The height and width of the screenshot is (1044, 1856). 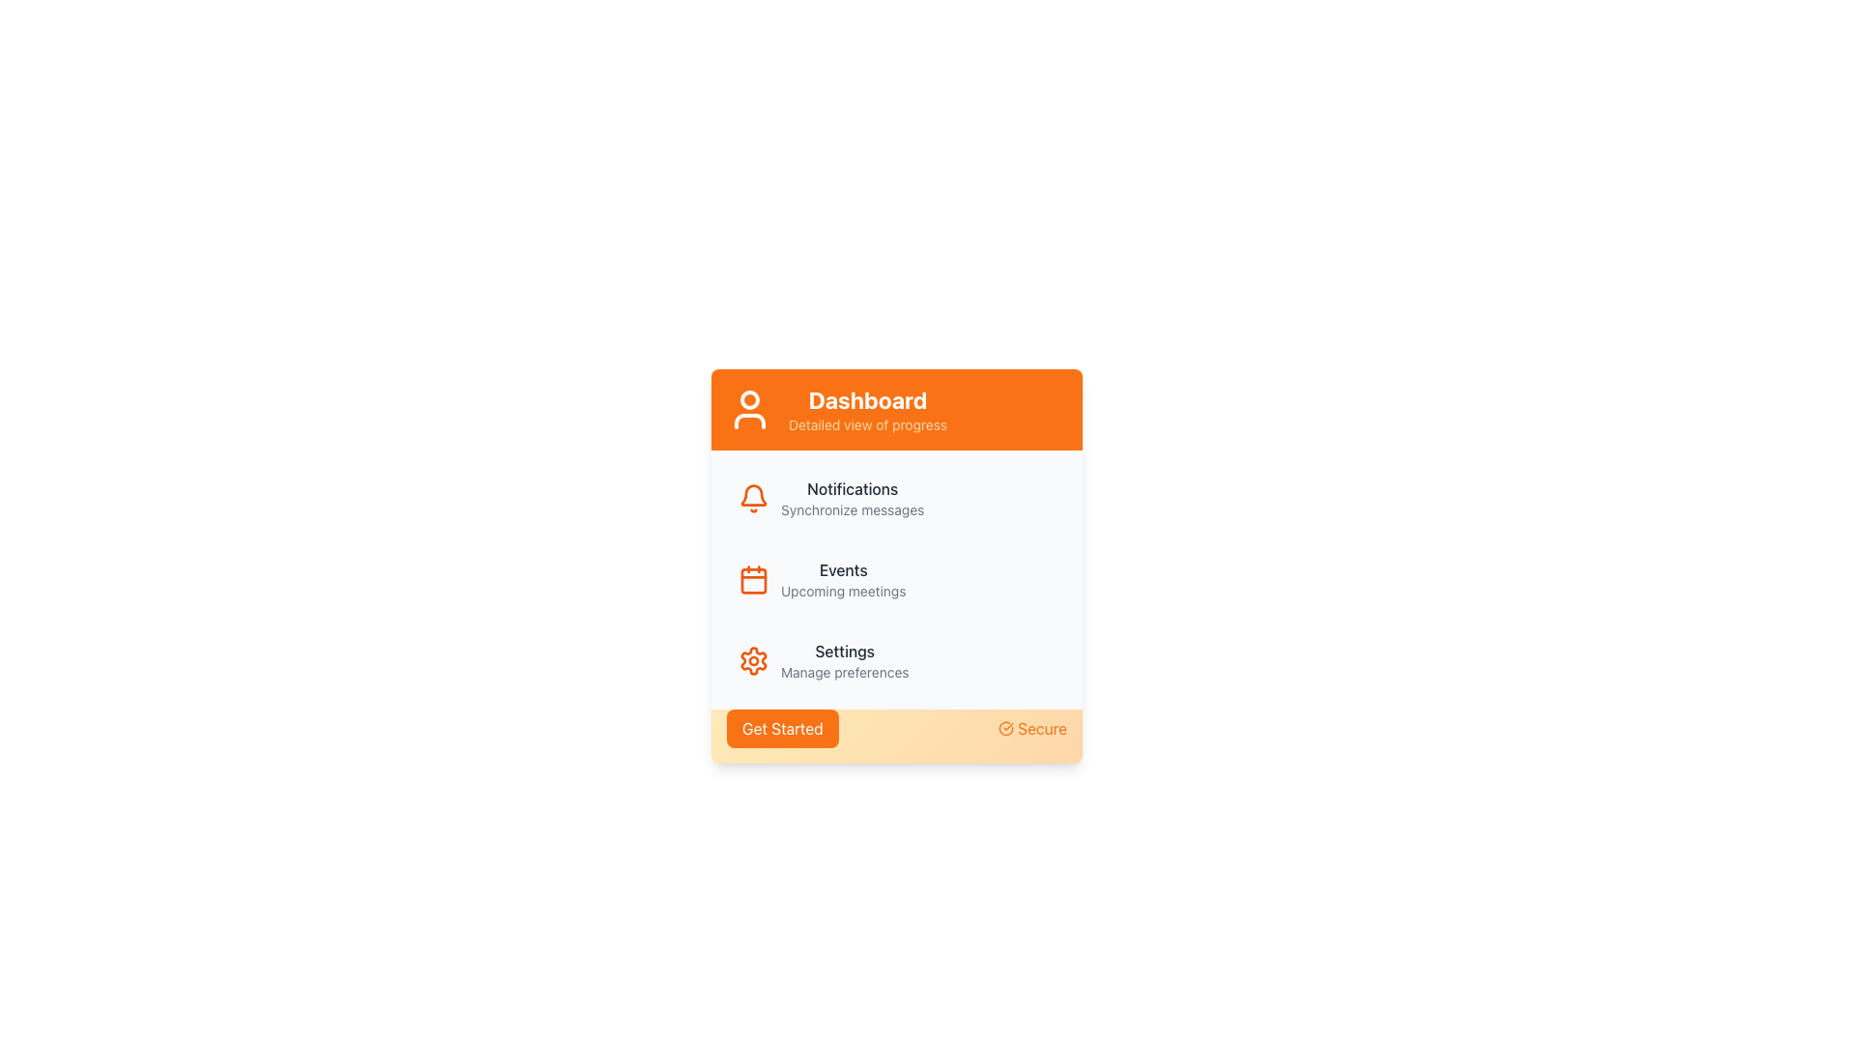 What do you see at coordinates (752, 580) in the screenshot?
I see `the central rectangular portion of the calendar icon, which is visually represented as part of the calendar icon adjacent to the 'Events' label` at bounding box center [752, 580].